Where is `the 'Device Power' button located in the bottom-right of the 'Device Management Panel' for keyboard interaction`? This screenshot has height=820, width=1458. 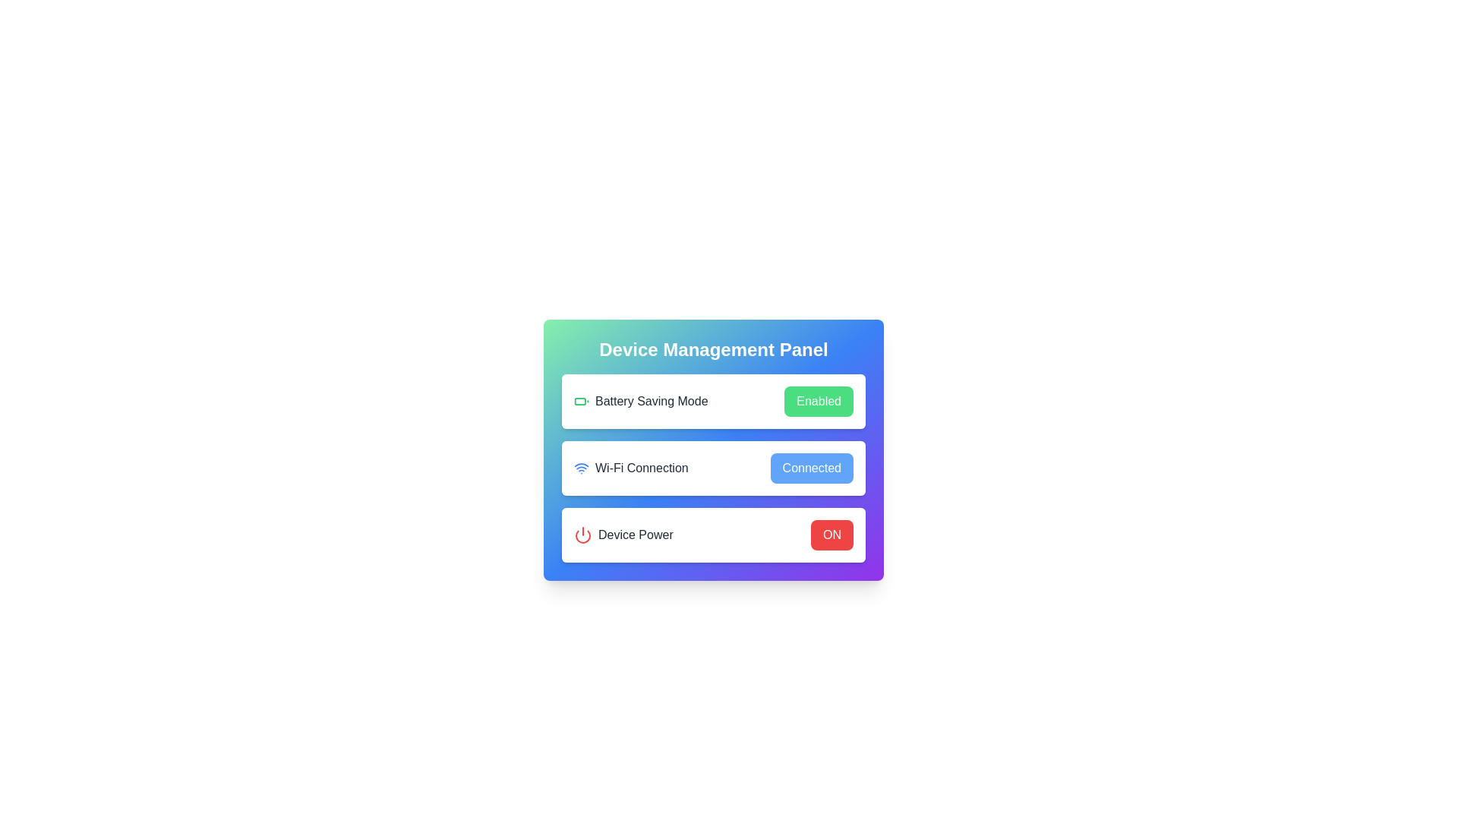 the 'Device Power' button located in the bottom-right of the 'Device Management Panel' for keyboard interaction is located at coordinates (831, 535).